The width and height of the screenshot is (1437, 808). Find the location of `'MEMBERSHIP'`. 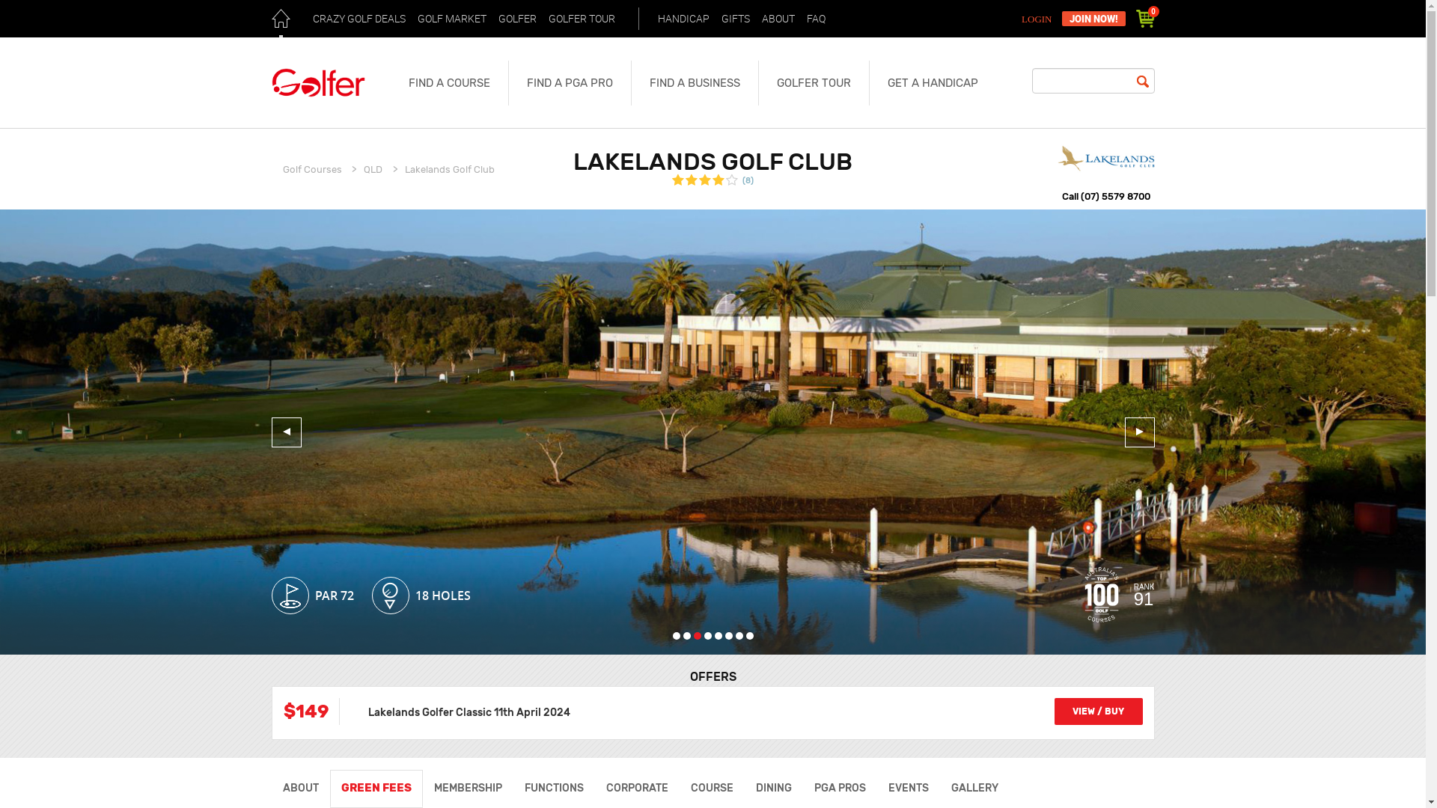

'MEMBERSHIP' is located at coordinates (466, 787).